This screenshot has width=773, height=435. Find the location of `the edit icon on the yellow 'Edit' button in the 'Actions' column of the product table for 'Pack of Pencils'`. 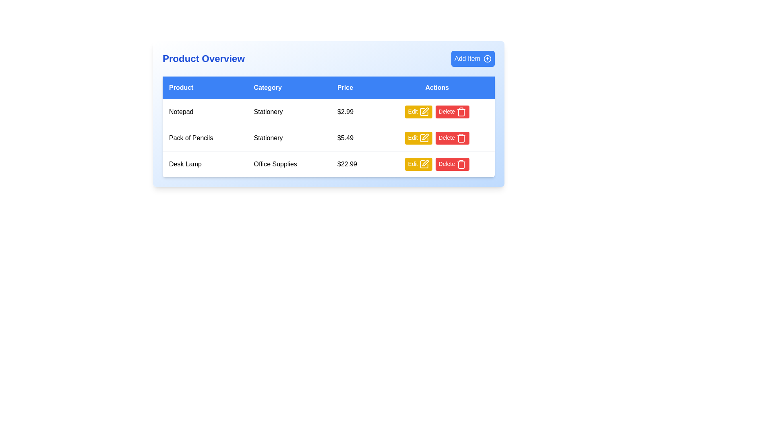

the edit icon on the yellow 'Edit' button in the 'Actions' column of the product table for 'Pack of Pencils' is located at coordinates (424, 138).